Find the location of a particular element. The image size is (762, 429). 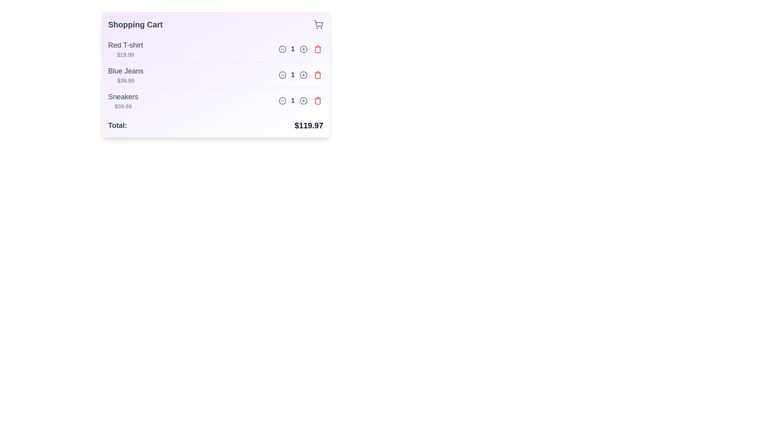

the text label that describes the first item in the shopping cart, which includes its name and price, located near the upper left corner of the cart's item list, above the 'Blue Jeans' item is located at coordinates (125, 49).